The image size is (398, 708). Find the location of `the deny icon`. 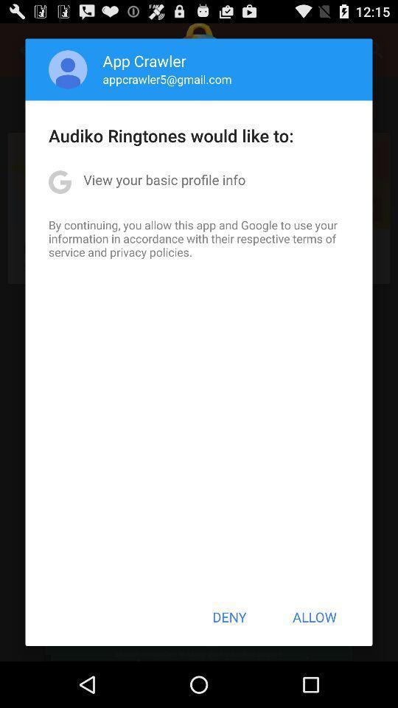

the deny icon is located at coordinates (229, 617).